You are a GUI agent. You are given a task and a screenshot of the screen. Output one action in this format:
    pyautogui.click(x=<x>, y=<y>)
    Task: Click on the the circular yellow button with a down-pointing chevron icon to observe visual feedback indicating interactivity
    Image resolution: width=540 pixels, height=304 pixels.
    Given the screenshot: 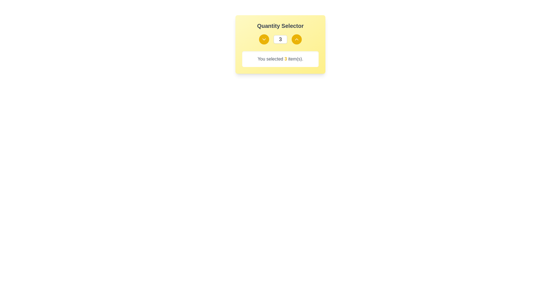 What is the action you would take?
    pyautogui.click(x=264, y=39)
    